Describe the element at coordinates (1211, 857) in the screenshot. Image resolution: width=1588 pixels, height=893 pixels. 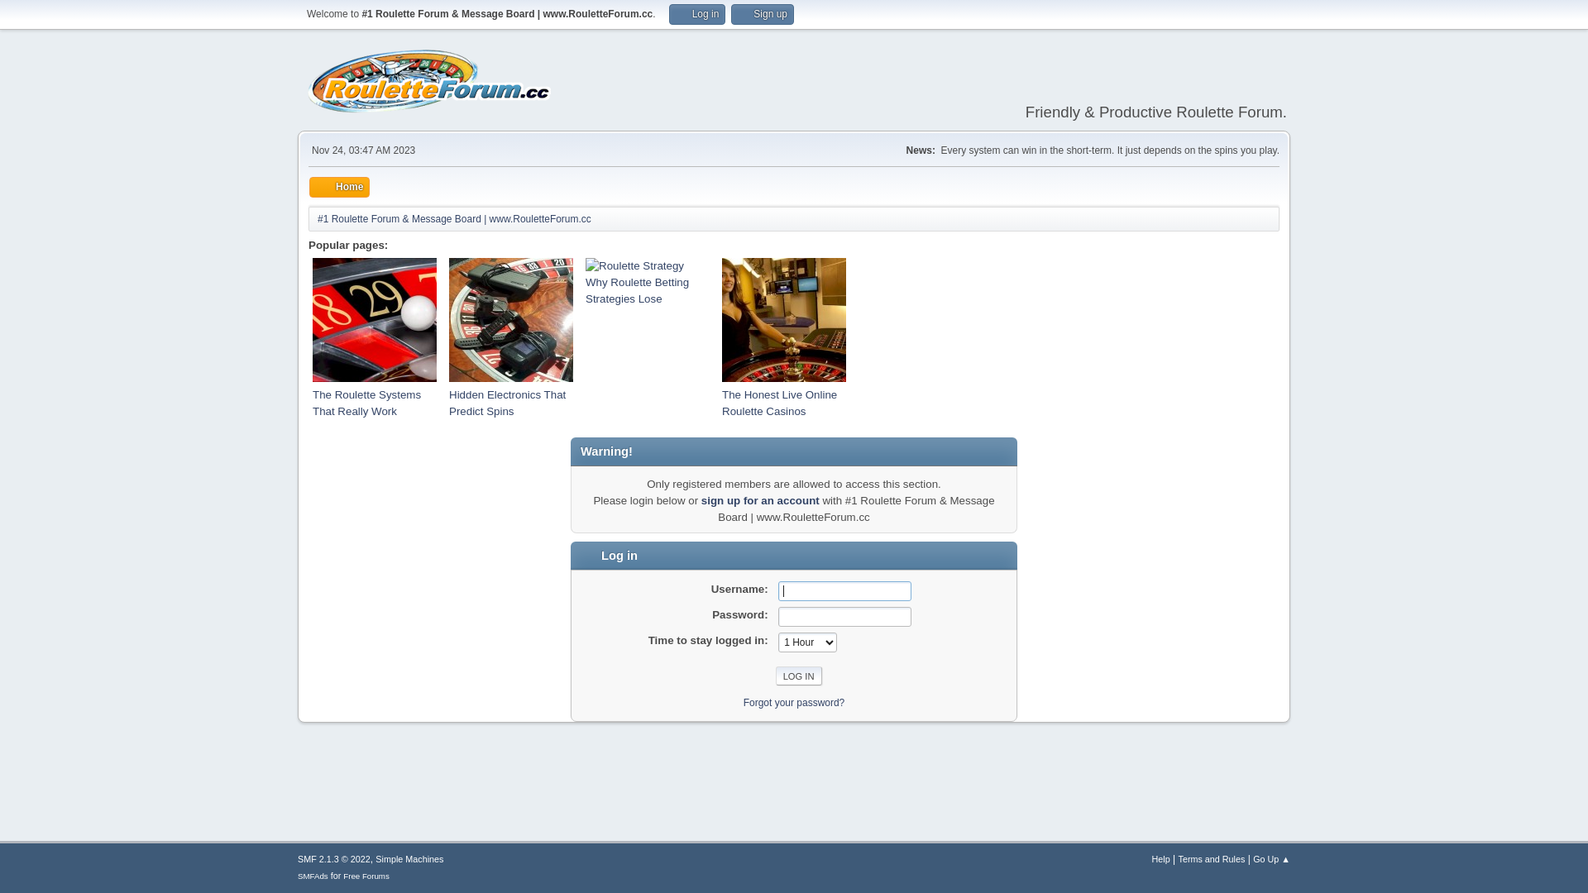
I see `'Terms and Rules'` at that location.